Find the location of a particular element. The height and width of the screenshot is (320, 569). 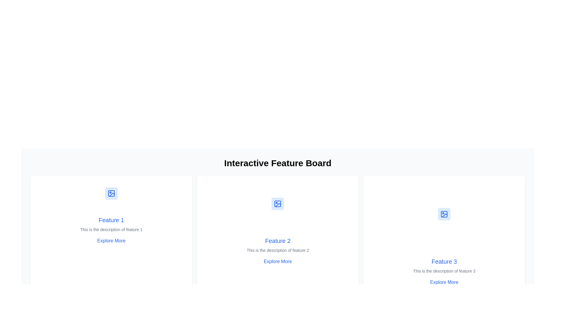

the SVG icon located at the top center of the second feature card titled 'Feature 2' in the Interactive Feature Board is located at coordinates (277, 203).